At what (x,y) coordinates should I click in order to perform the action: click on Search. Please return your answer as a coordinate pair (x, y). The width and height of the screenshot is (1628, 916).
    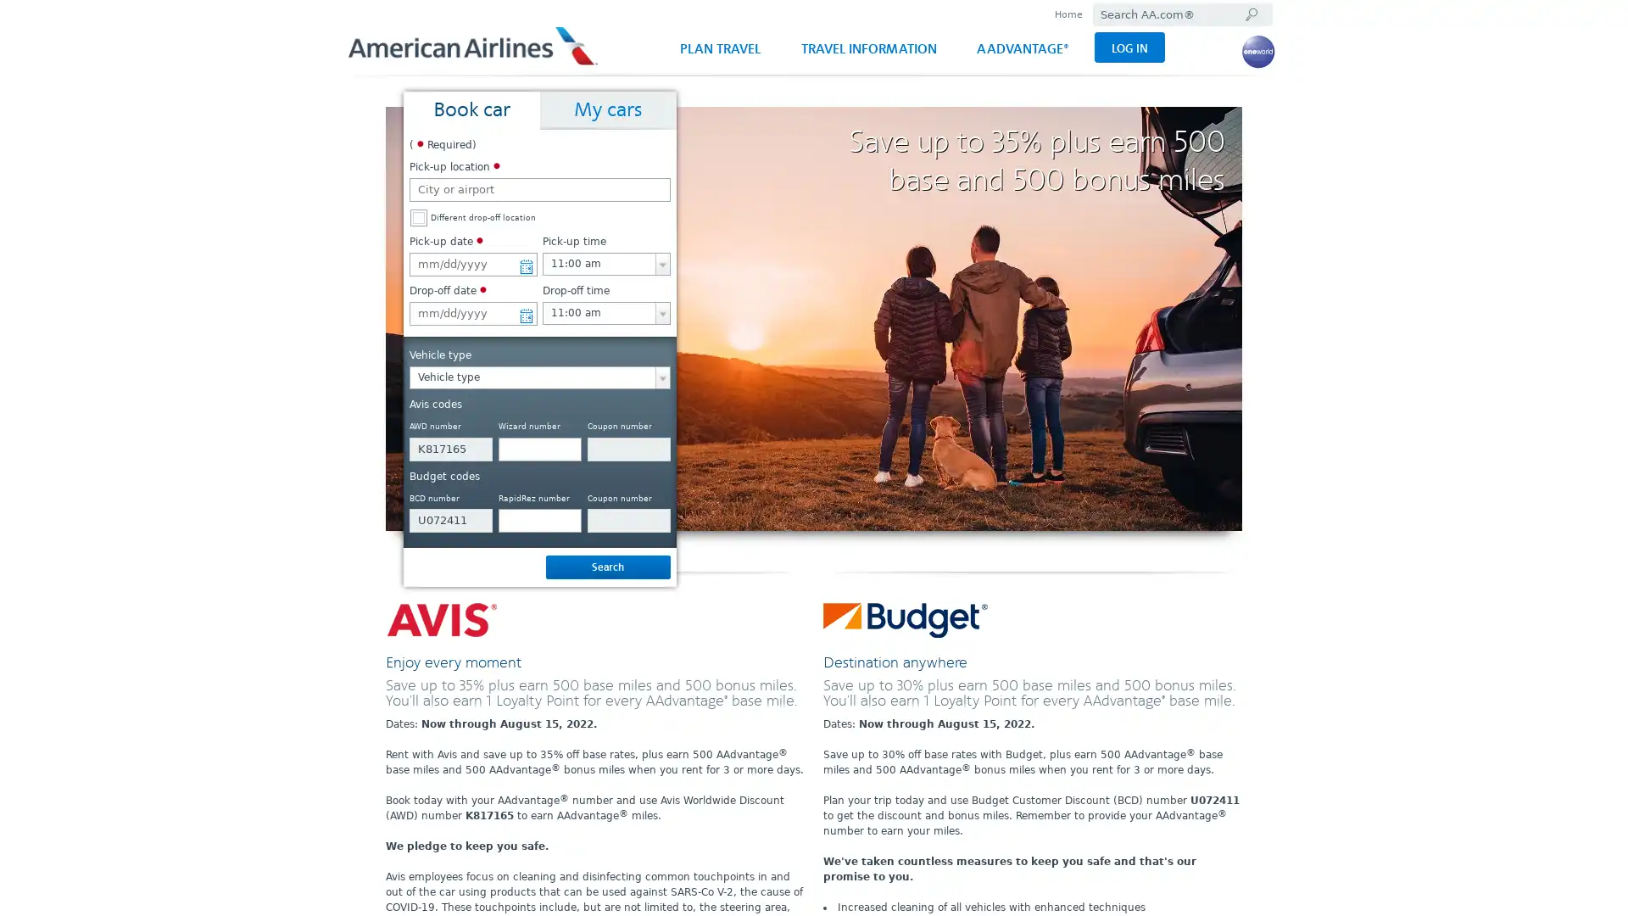
    Looking at the image, I should click on (607, 567).